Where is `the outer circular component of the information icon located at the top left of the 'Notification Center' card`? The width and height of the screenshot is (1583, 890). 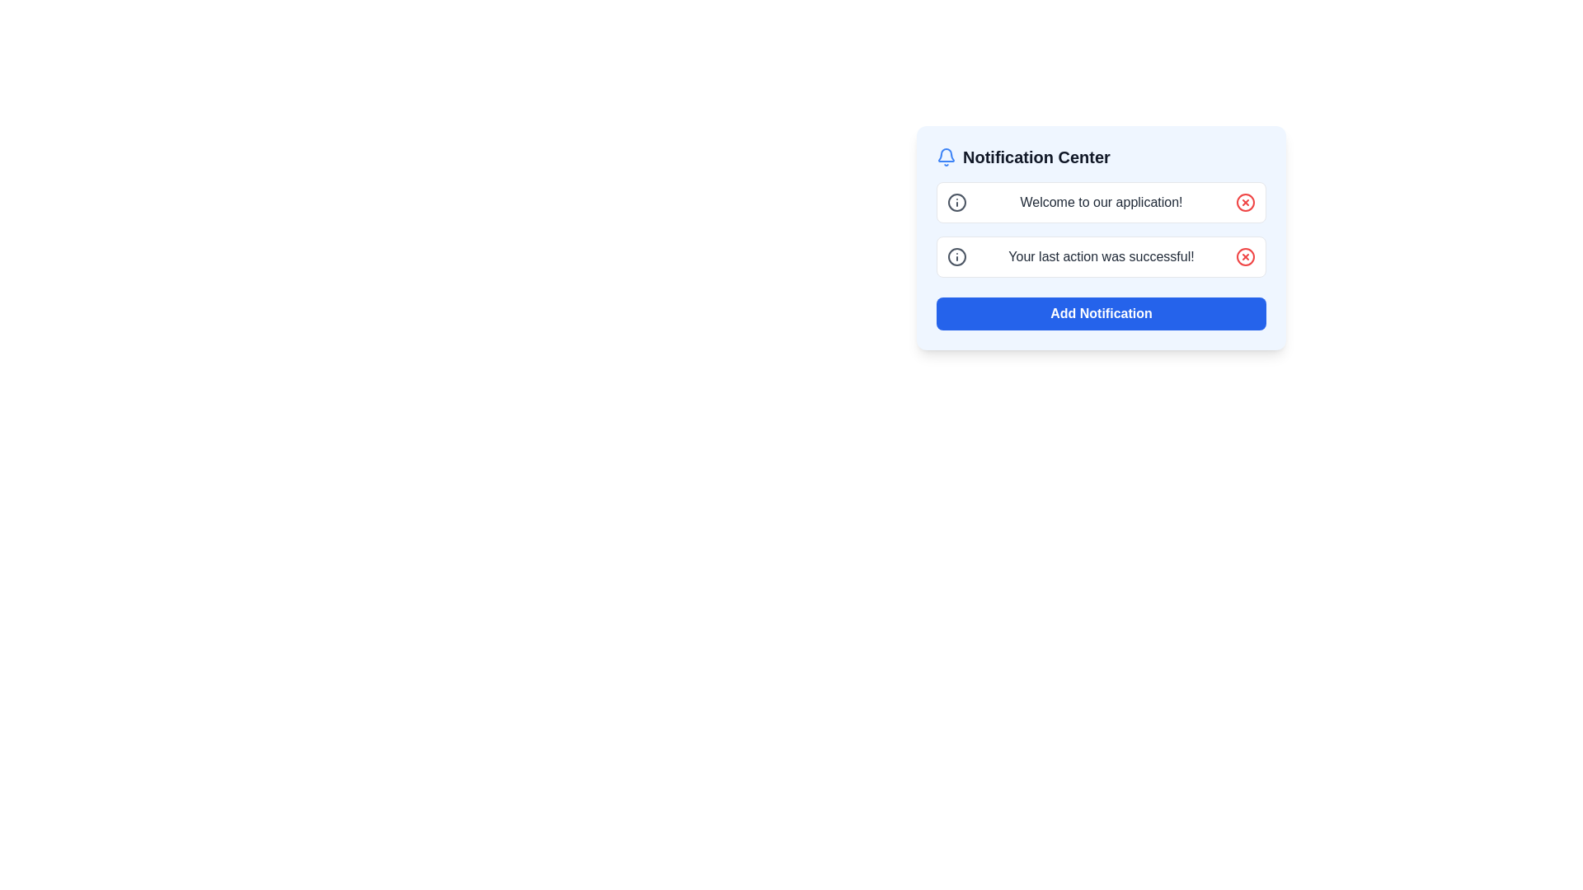
the outer circular component of the information icon located at the top left of the 'Notification Center' card is located at coordinates (957, 257).